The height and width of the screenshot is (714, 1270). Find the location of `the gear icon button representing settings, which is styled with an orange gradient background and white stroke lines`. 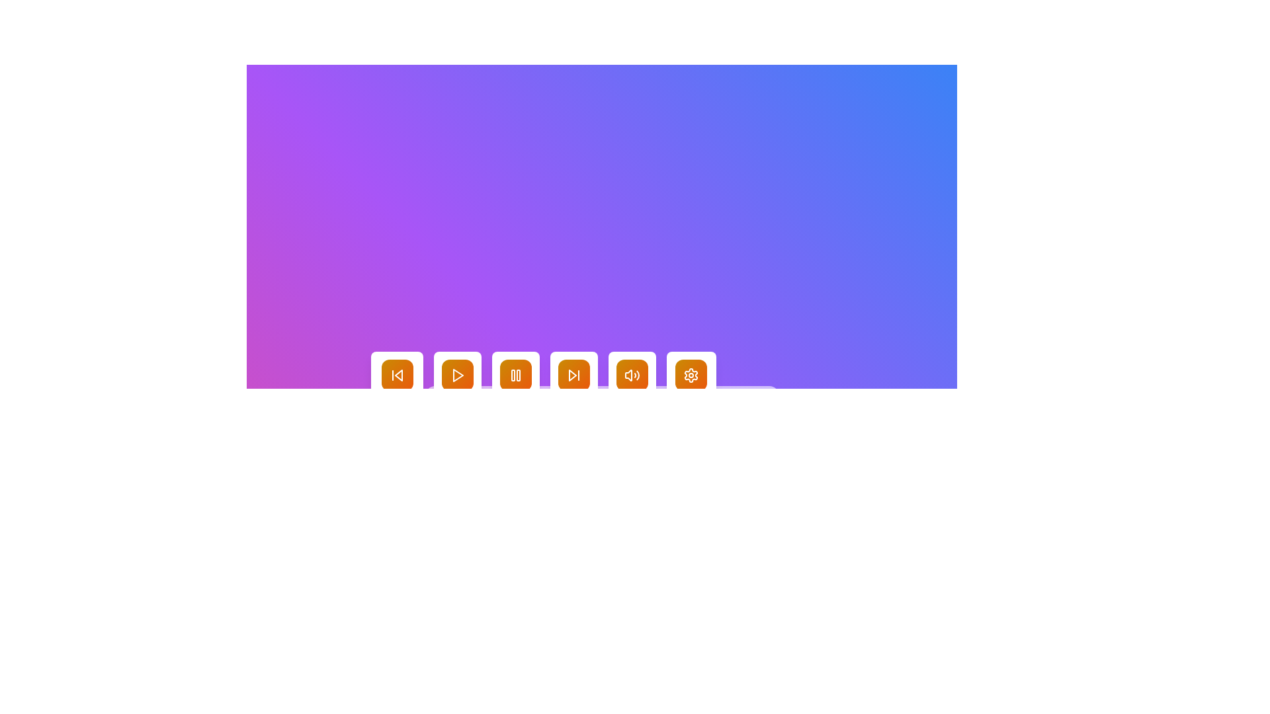

the gear icon button representing settings, which is styled with an orange gradient background and white stroke lines is located at coordinates (691, 375).